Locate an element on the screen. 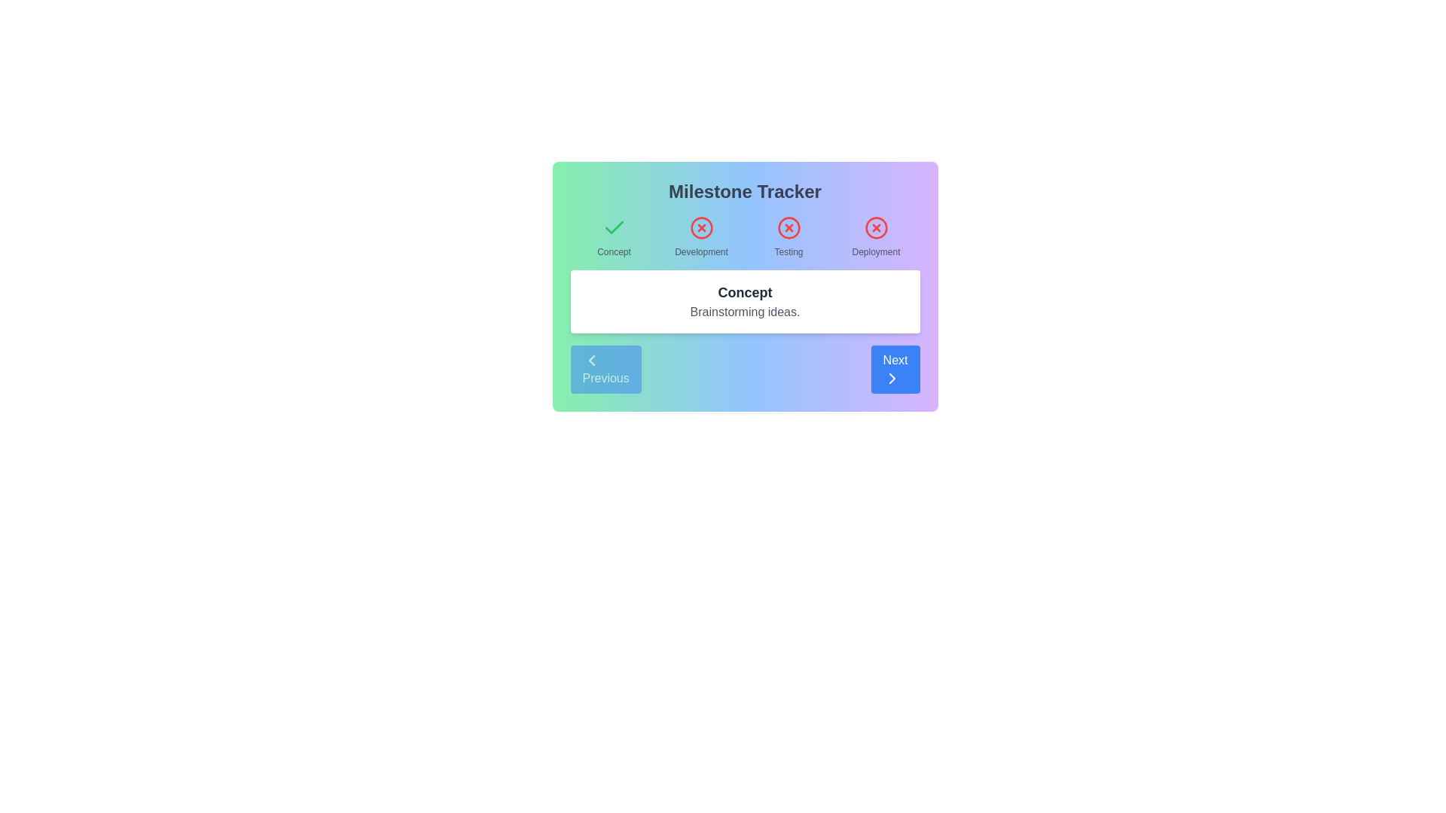  the 'Deployment' text label, which is styled in a small gray font and located beneath a red circular icon with an 'X', as it is part of a navigation system is located at coordinates (876, 251).